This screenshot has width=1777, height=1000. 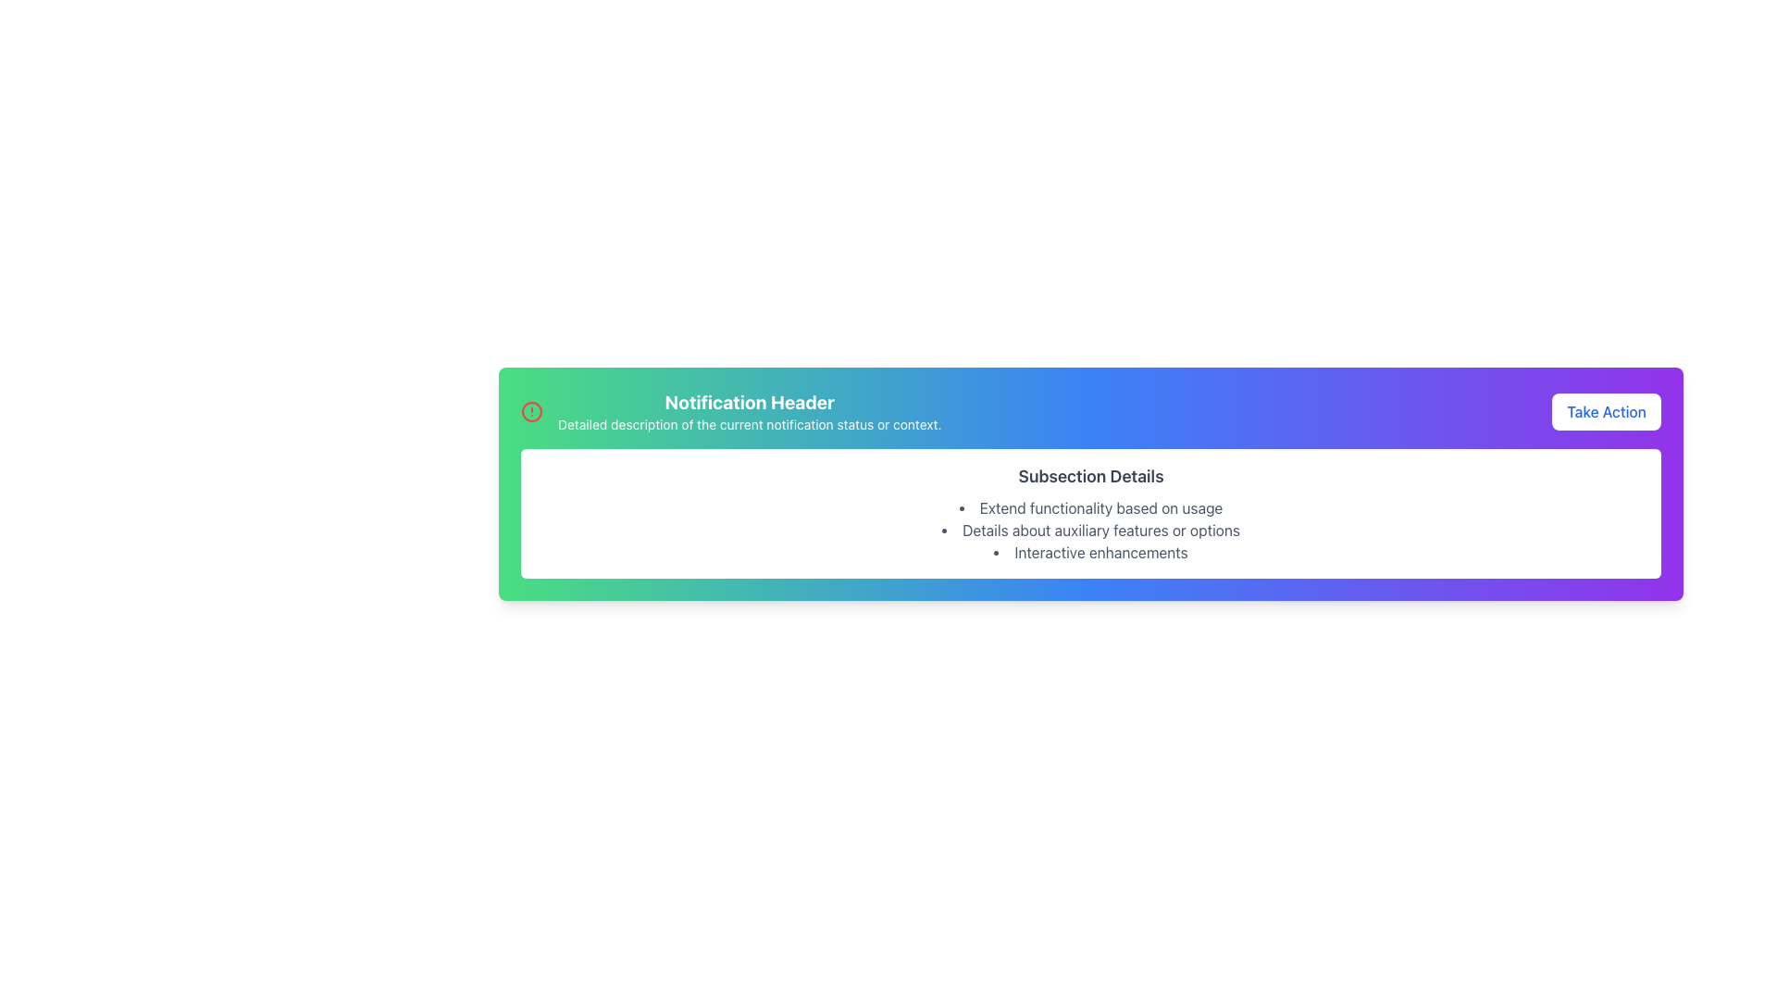 What do you see at coordinates (531, 410) in the screenshot?
I see `the circular icon located in the upper-left corner of the notification banner, which serves as a visual indicator for alerts` at bounding box center [531, 410].